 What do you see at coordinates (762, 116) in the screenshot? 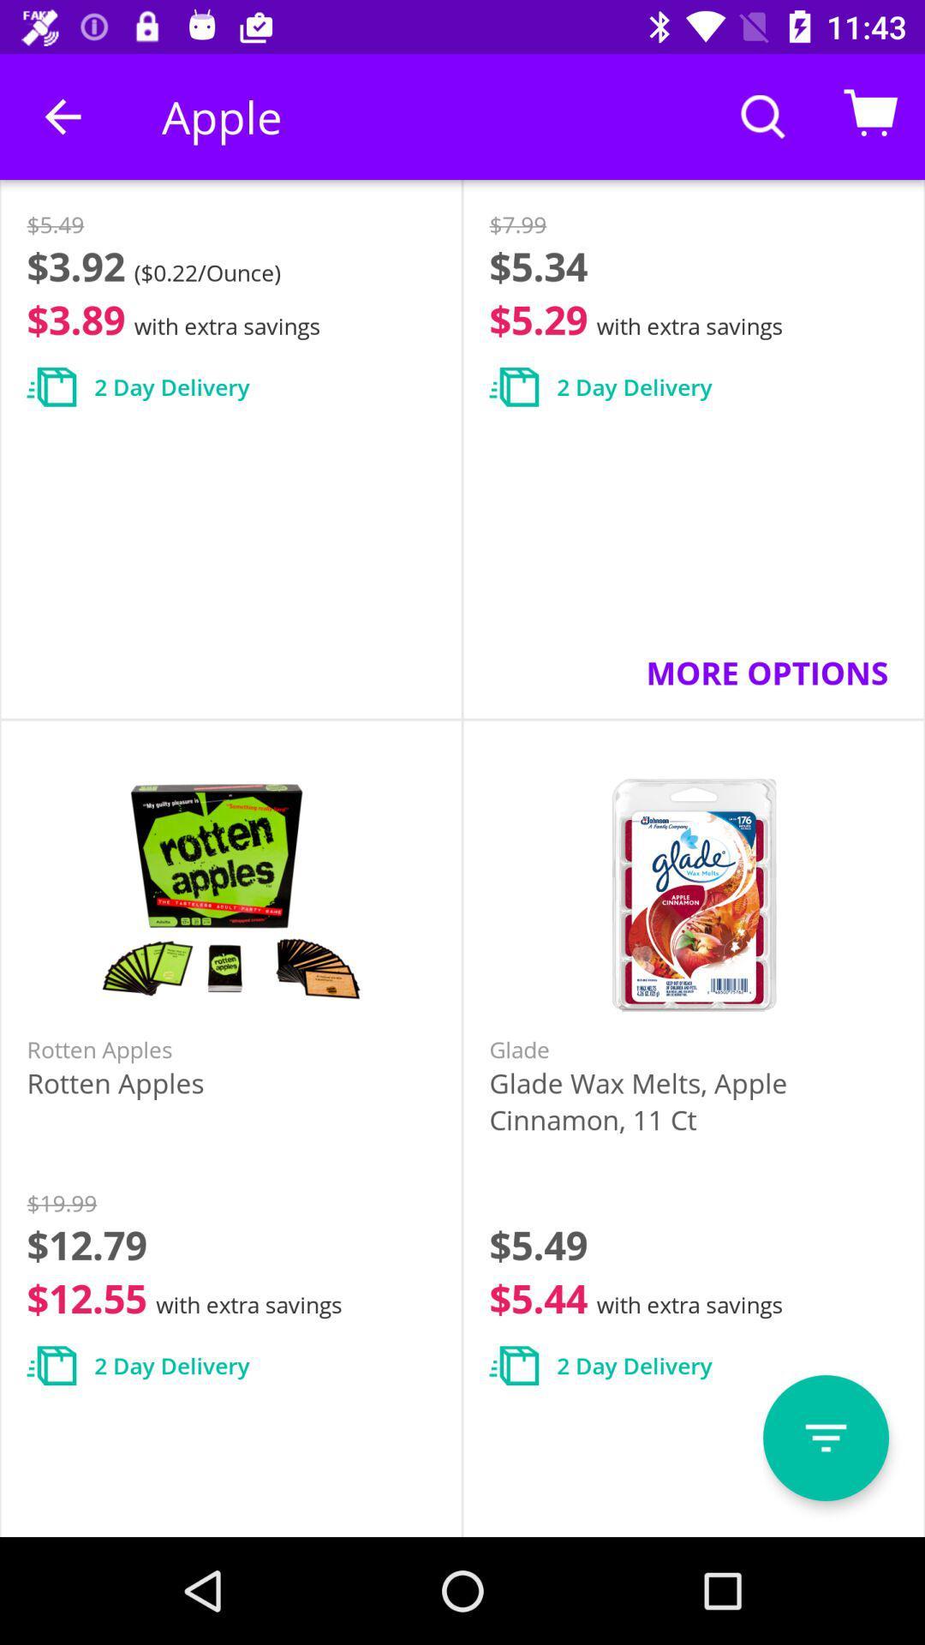
I see `the search icon at the top right corner of the page` at bounding box center [762, 116].